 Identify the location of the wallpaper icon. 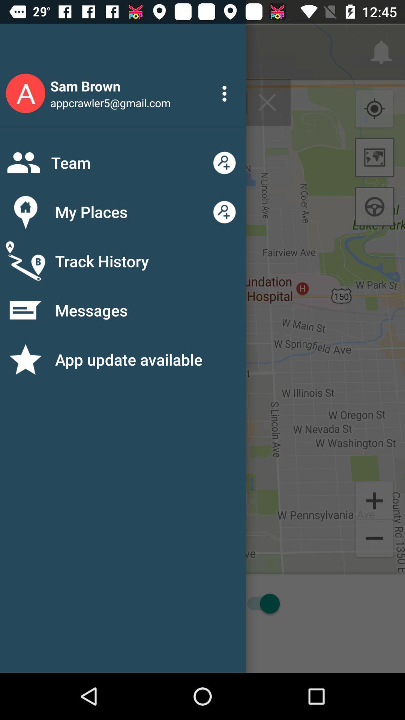
(375, 157).